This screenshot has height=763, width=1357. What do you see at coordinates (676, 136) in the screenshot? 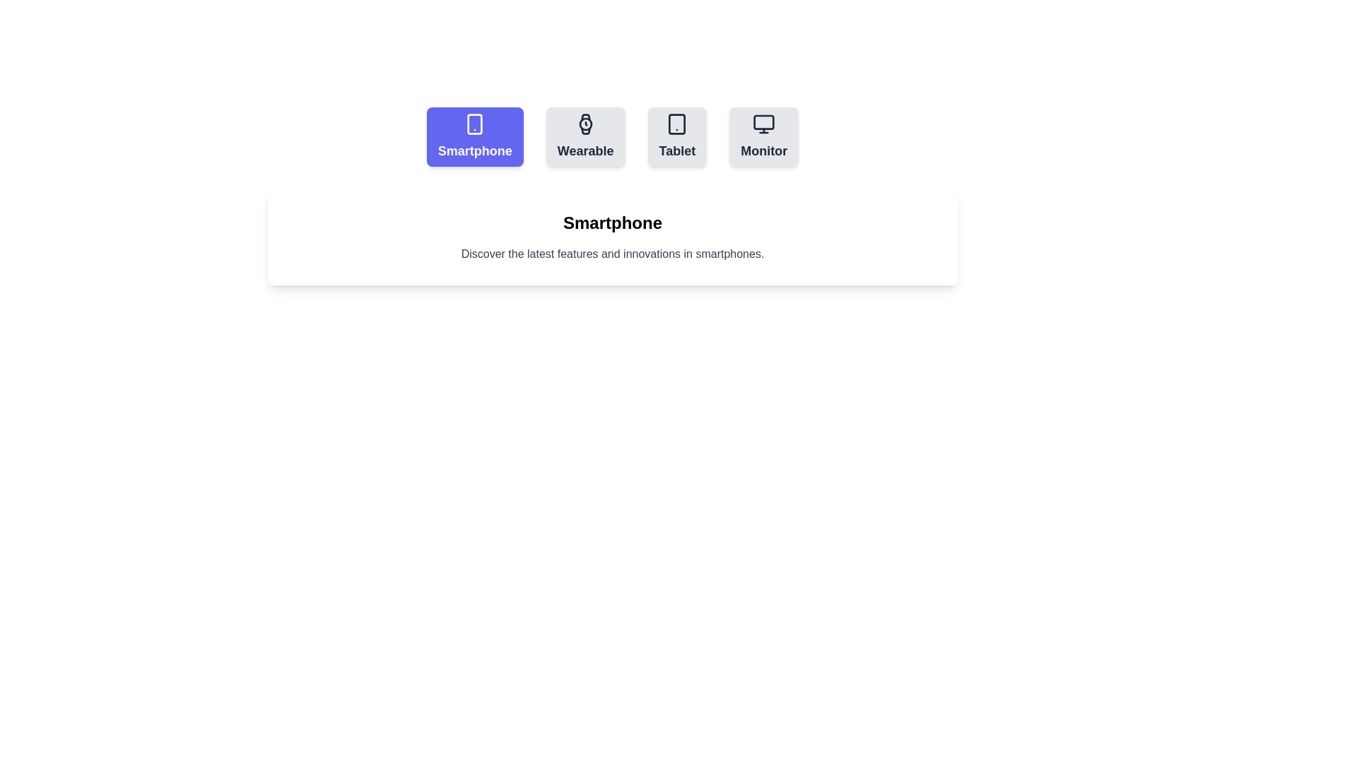
I see `the tab button corresponding to Tablet` at bounding box center [676, 136].